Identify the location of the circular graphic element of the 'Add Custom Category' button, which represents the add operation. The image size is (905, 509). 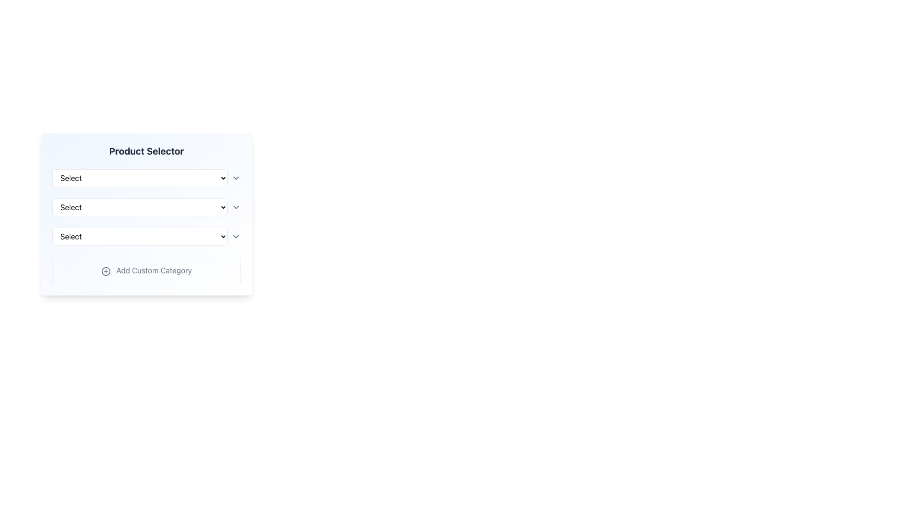
(106, 271).